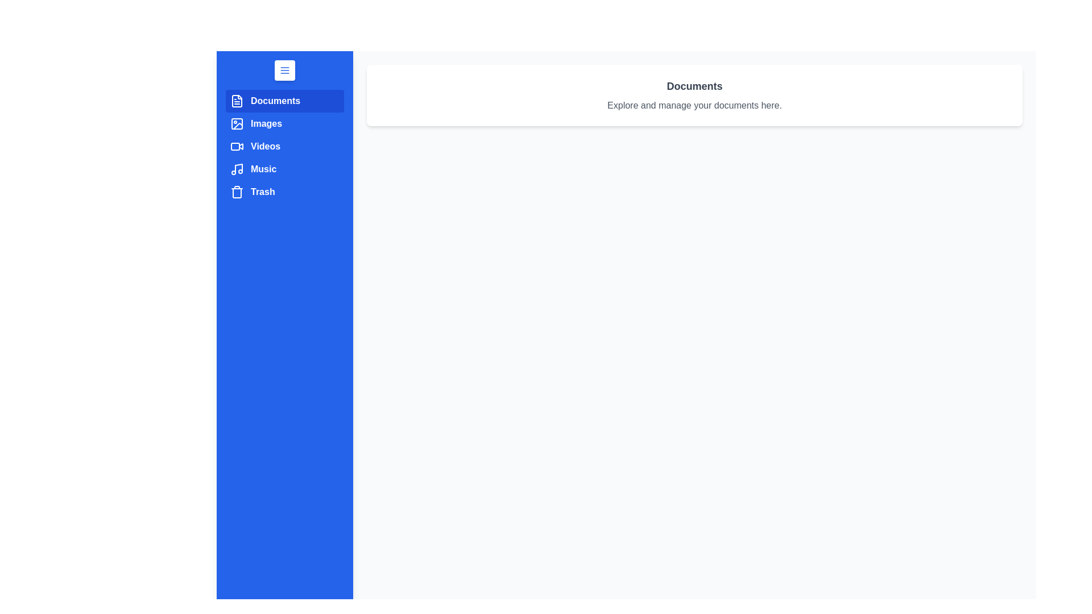  Describe the element at coordinates (284, 124) in the screenshot. I see `the category Images from the sidebar` at that location.